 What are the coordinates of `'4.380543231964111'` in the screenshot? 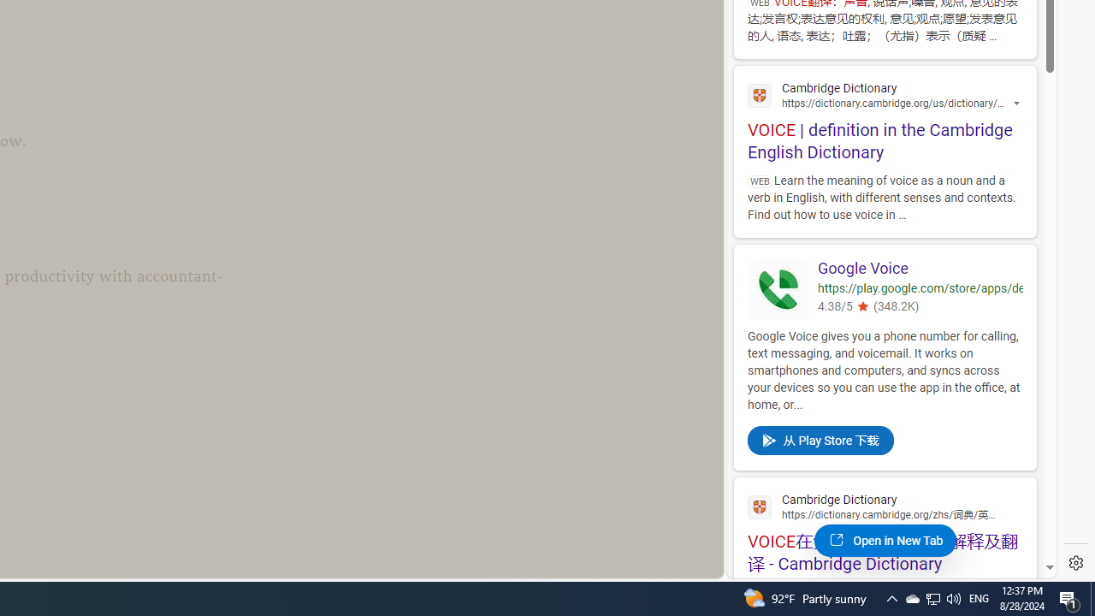 It's located at (862, 305).